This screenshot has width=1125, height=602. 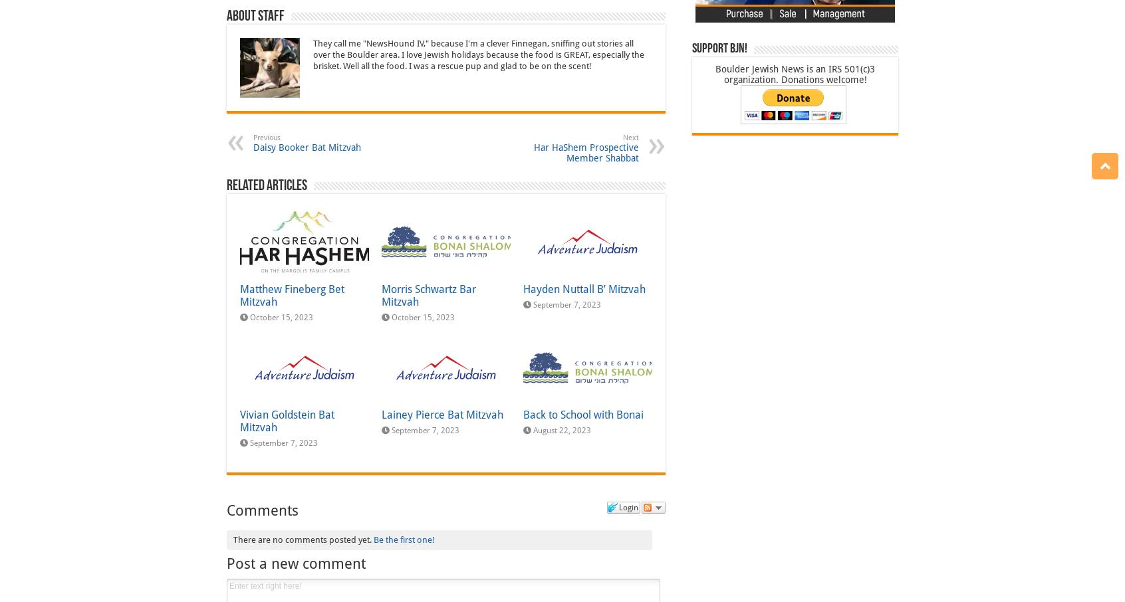 What do you see at coordinates (312, 54) in the screenshot?
I see `'They call me "NewsHound IV," because I'm a clever Finnegan, sniffing out stories all over the Boulder area. I love Jewish holidays because the food is GREAT, especially the brisket. Well all the food. I was a rescue pup and glad to be on the scent!'` at bounding box center [312, 54].